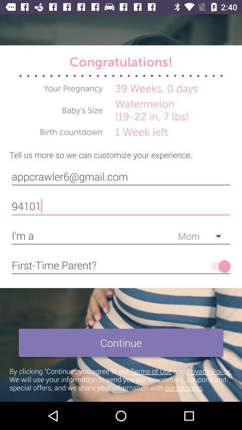  Describe the element at coordinates (121, 176) in the screenshot. I see `the icon above the 94101 icon` at that location.